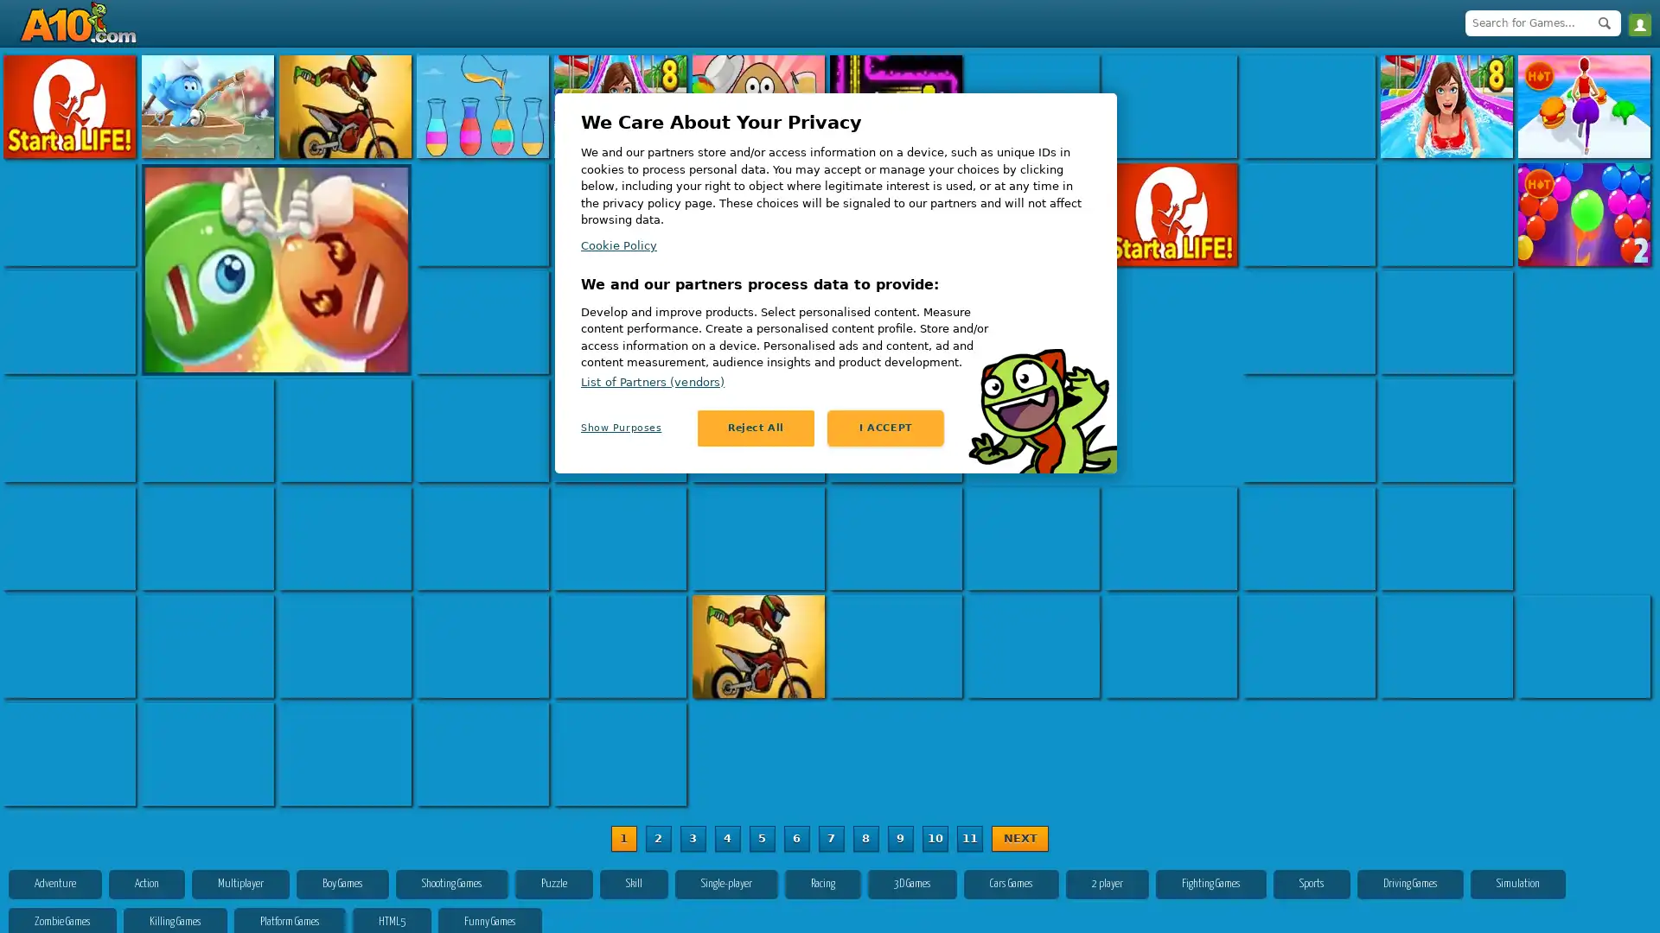  I want to click on List of Partners (vendors), so click(651, 380).